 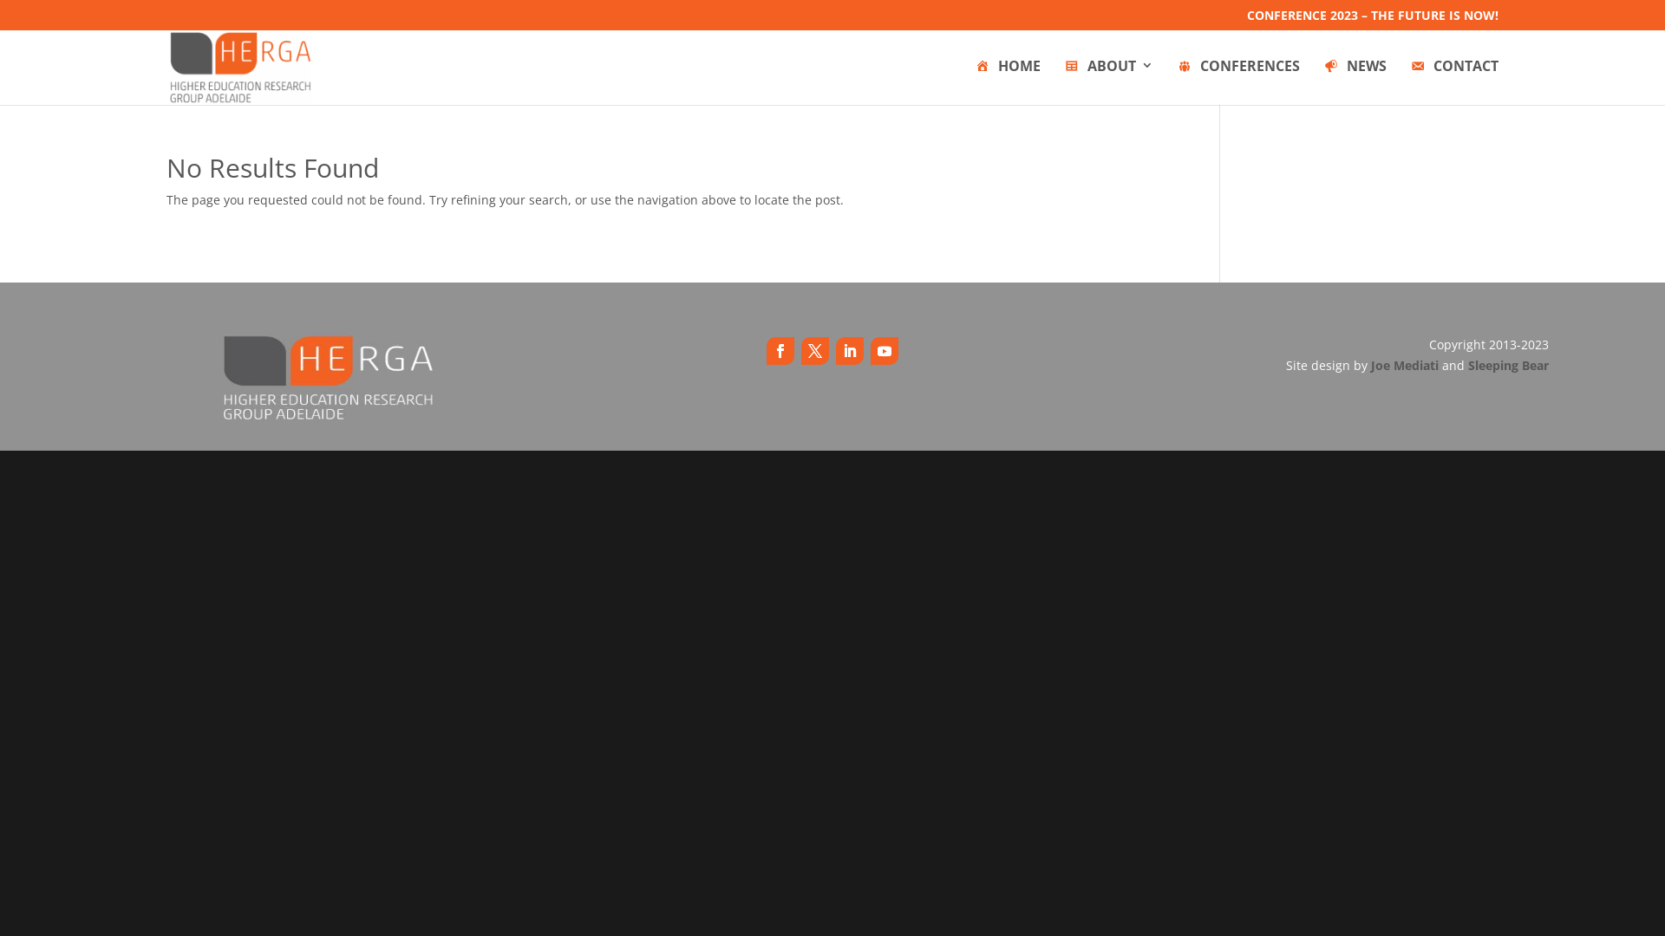 I want to click on 'HOME', so click(x=1007, y=81).